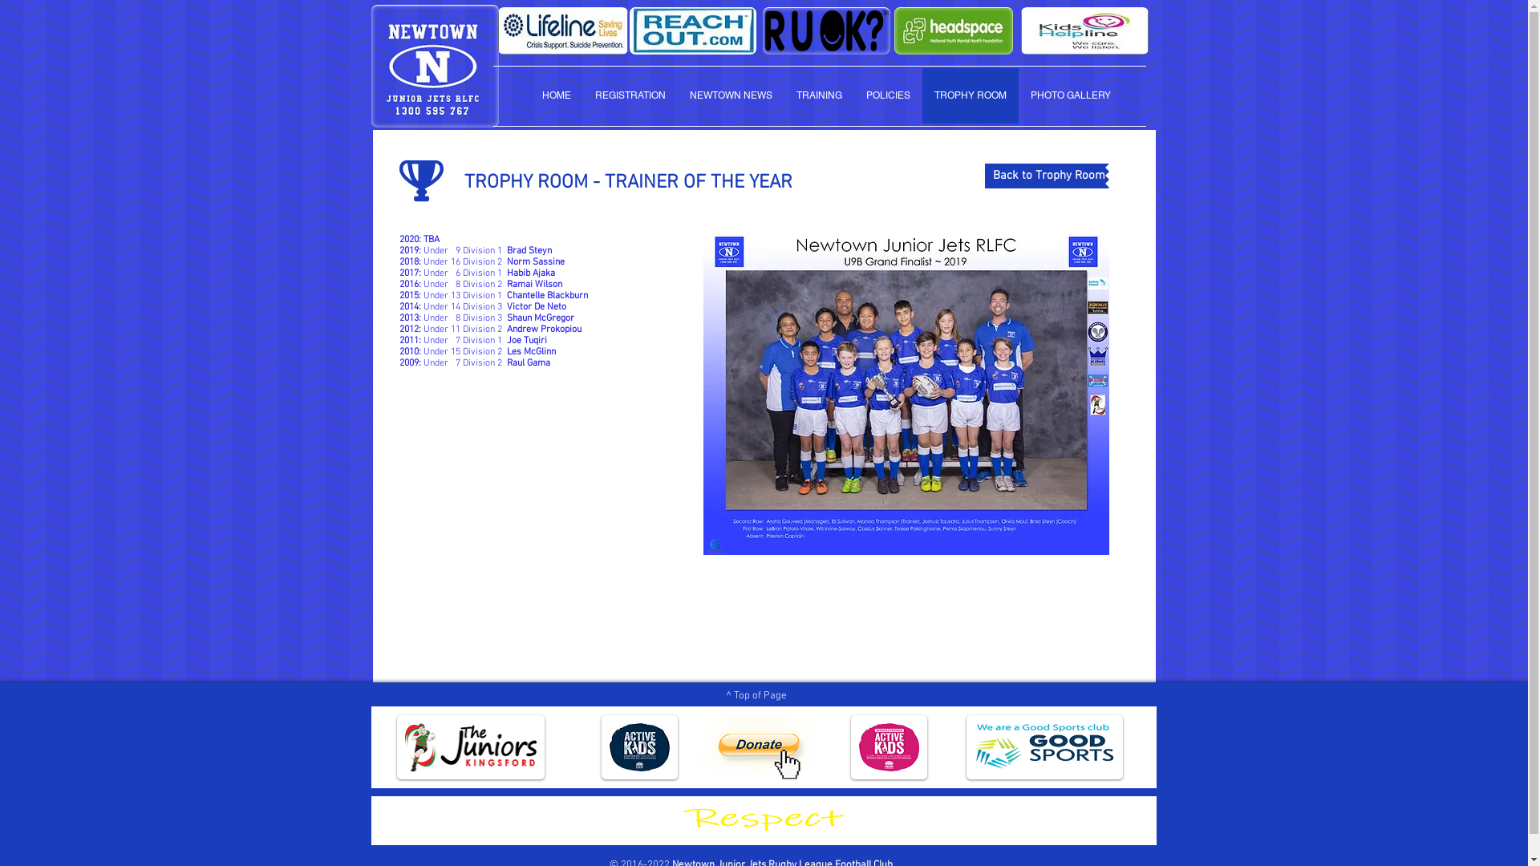 The height and width of the screenshot is (866, 1540). I want to click on '^ Top of Page', so click(755, 694).